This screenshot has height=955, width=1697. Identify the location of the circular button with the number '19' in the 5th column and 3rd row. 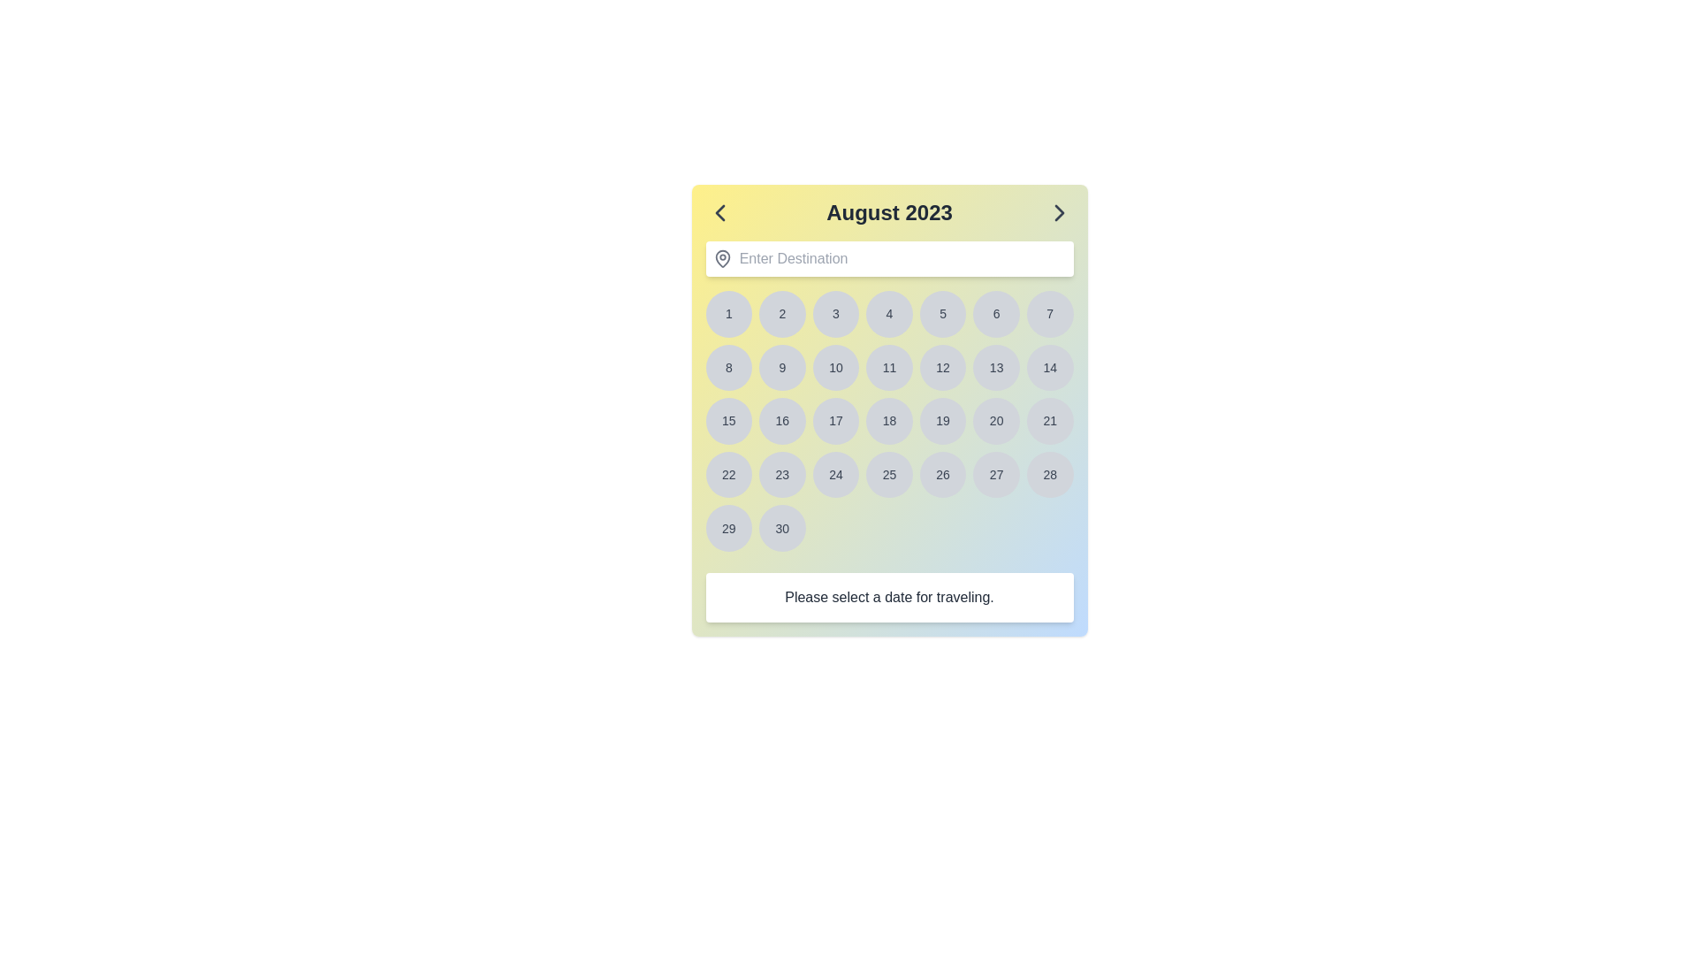
(942, 421).